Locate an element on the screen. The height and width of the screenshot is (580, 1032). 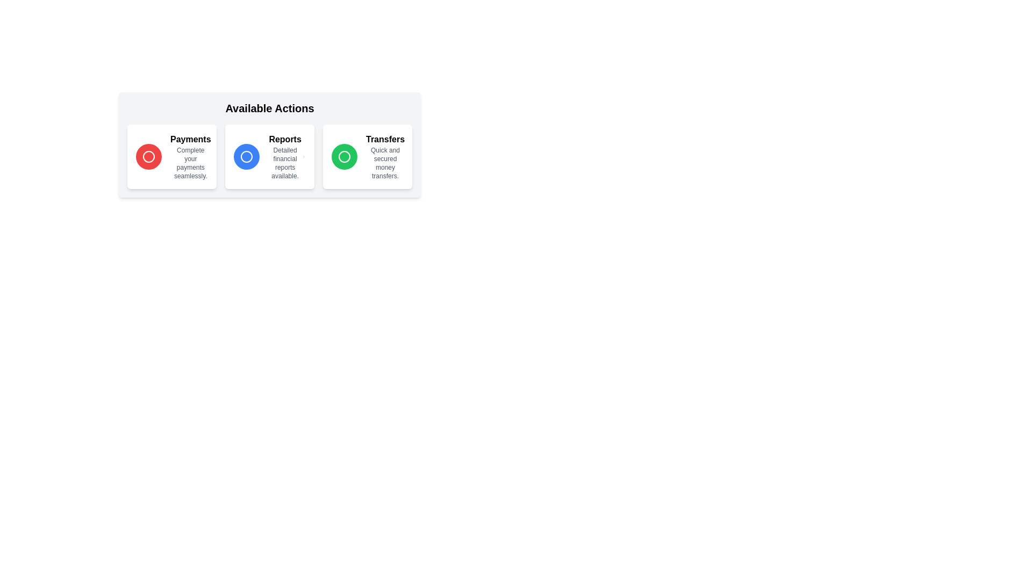
the circular red icon with a white border located in the 'Payments' card is located at coordinates (148, 157).